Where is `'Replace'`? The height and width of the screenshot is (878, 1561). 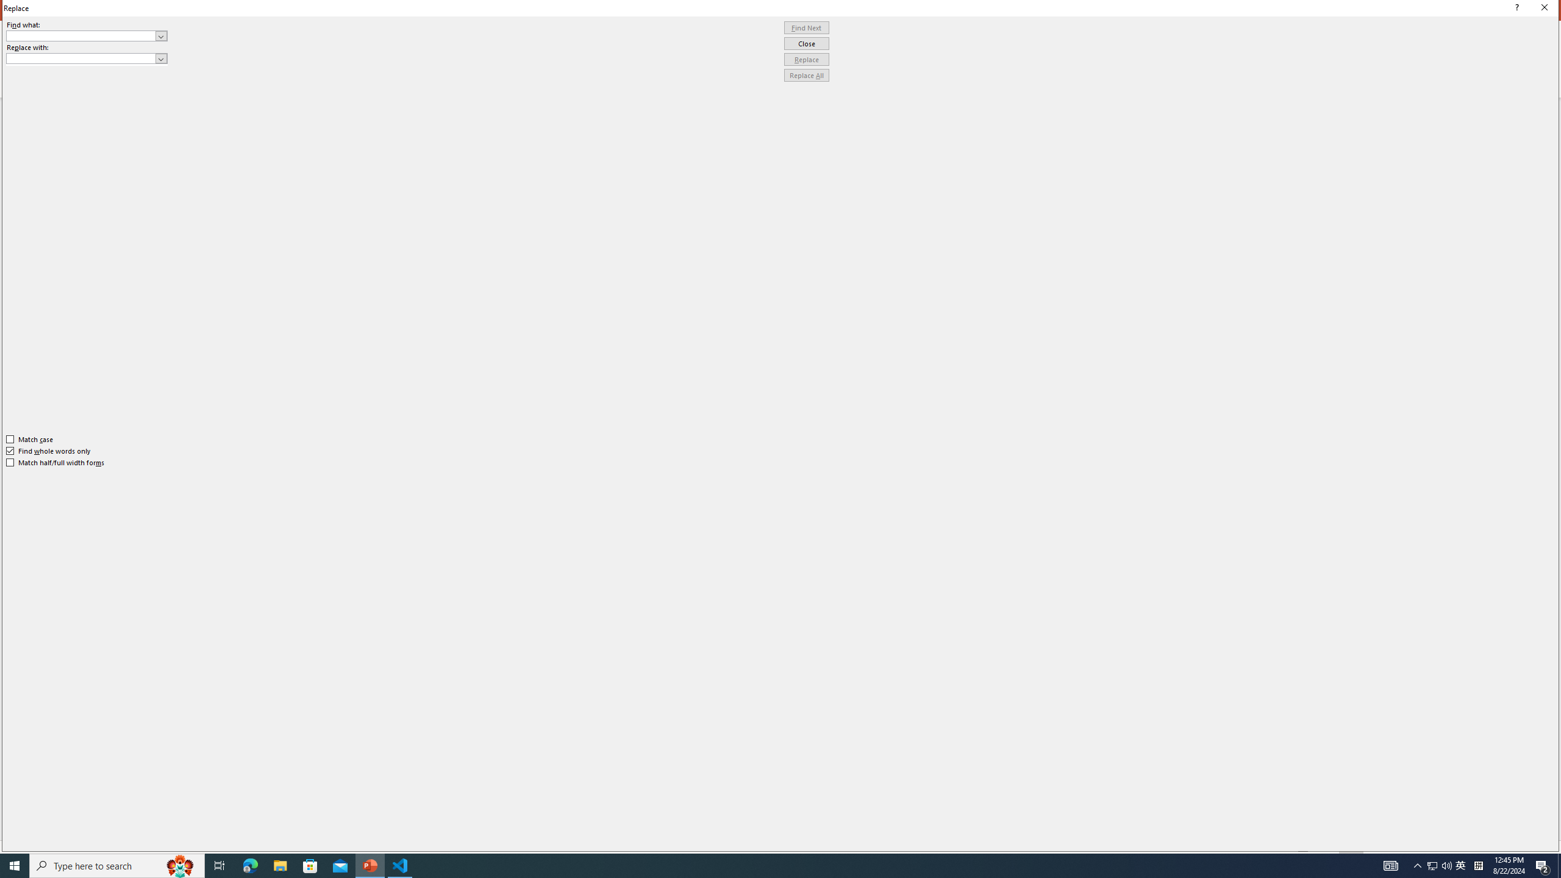 'Replace' is located at coordinates (806, 59).